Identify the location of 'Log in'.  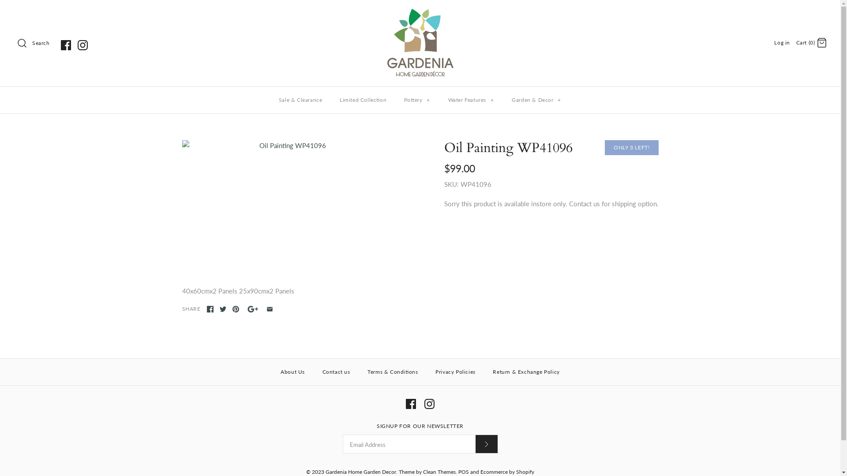
(774, 42).